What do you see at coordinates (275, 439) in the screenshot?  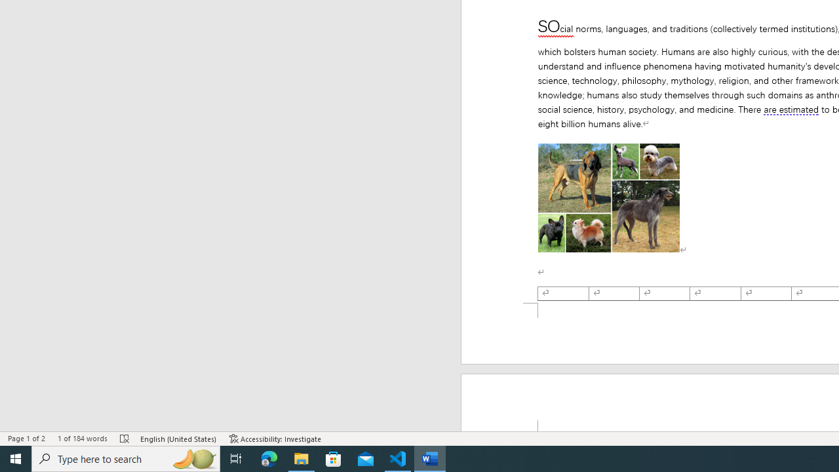 I see `'Accessibility Checker Accessibility: Investigate'` at bounding box center [275, 439].